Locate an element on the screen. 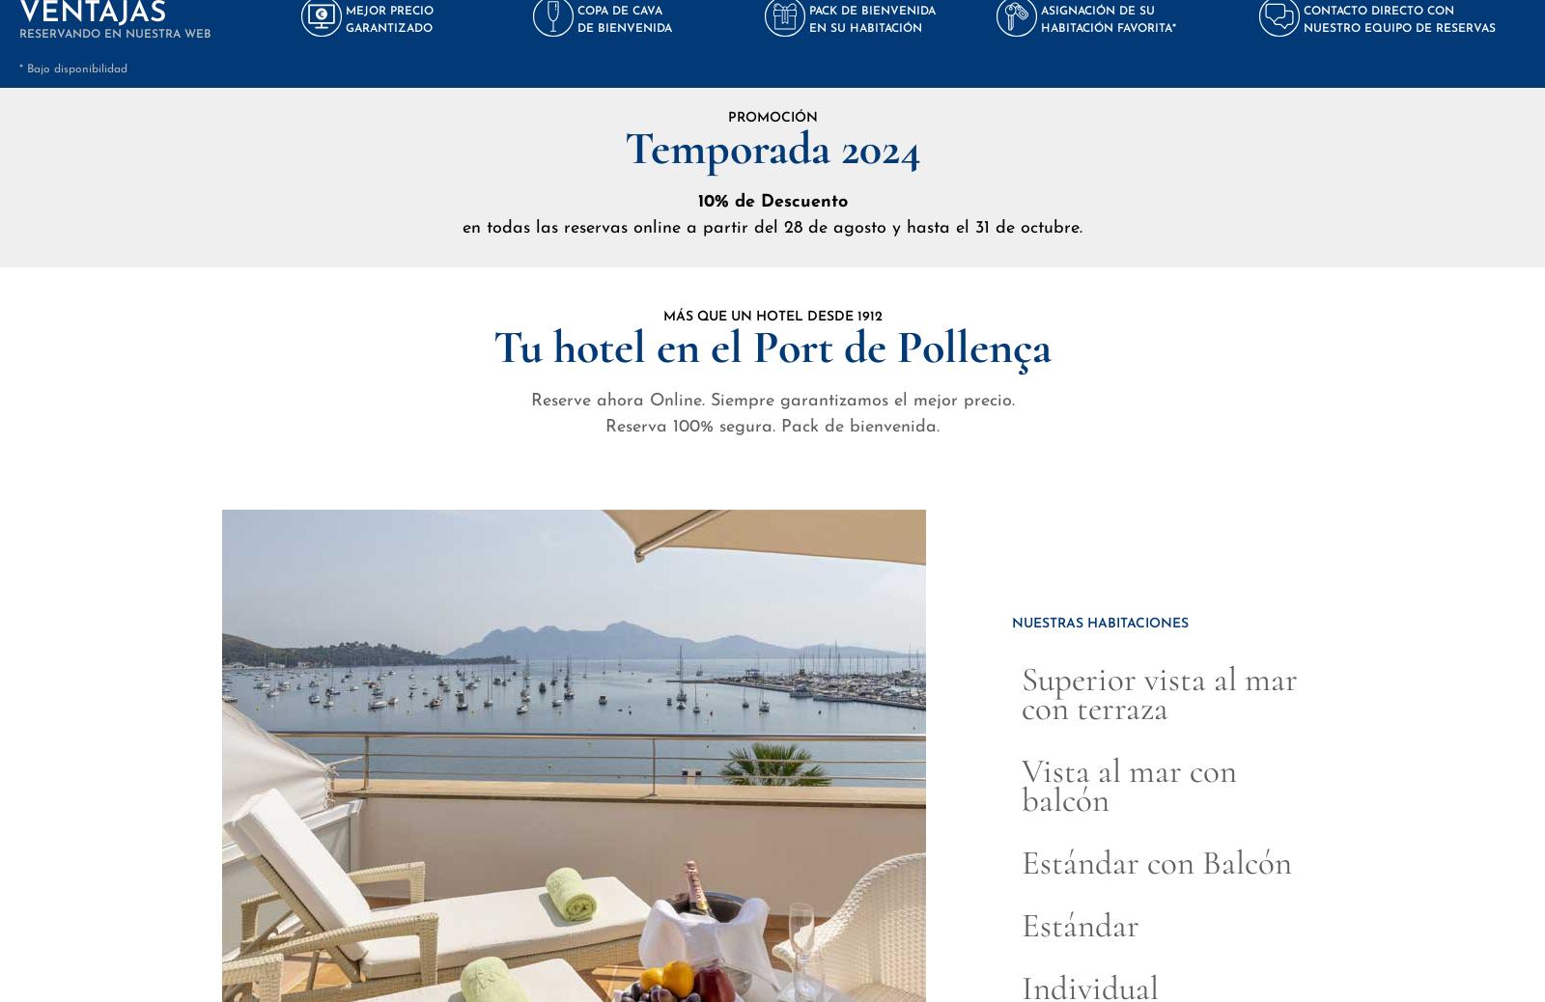 The image size is (1545, 1002). 'COPA DE CAVA' is located at coordinates (619, 10).